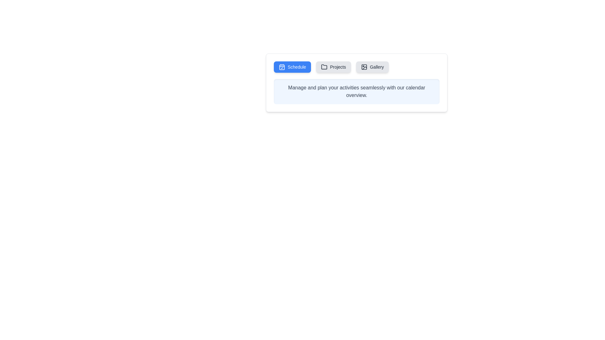 The image size is (605, 340). Describe the element at coordinates (372, 67) in the screenshot. I see `the tab labeled Gallery to view its content` at that location.